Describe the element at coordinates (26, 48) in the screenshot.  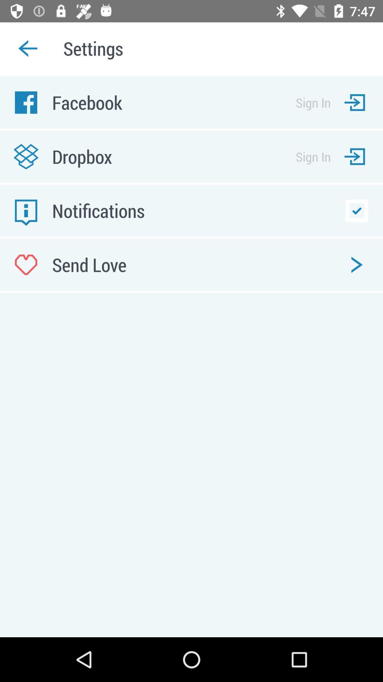
I see `the arrow_backward icon` at that location.